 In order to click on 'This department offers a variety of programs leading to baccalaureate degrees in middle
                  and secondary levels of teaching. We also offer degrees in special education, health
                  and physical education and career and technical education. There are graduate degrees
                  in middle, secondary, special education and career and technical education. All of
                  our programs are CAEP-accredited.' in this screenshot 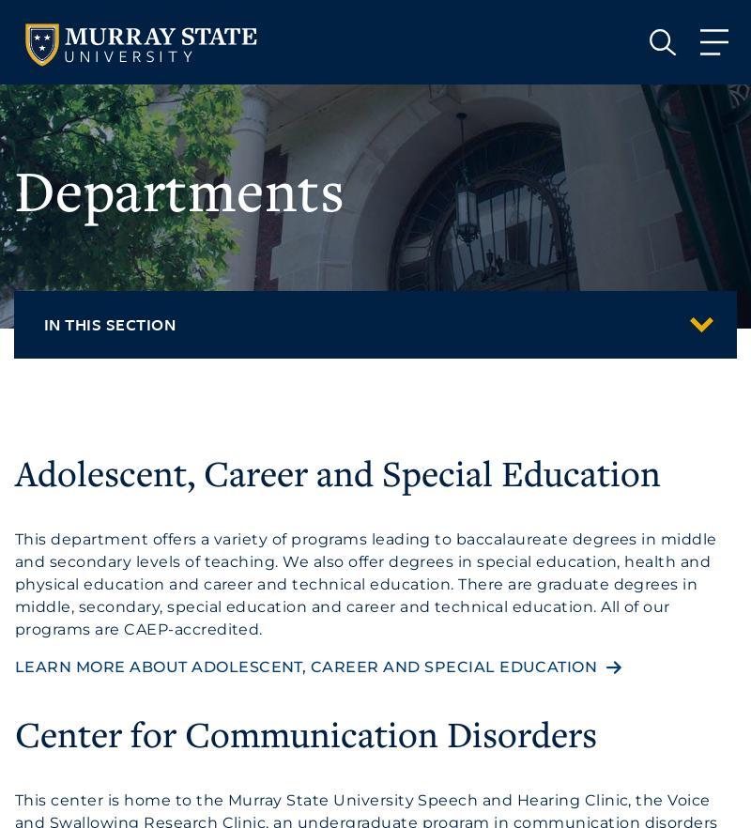, I will do `click(15, 582)`.